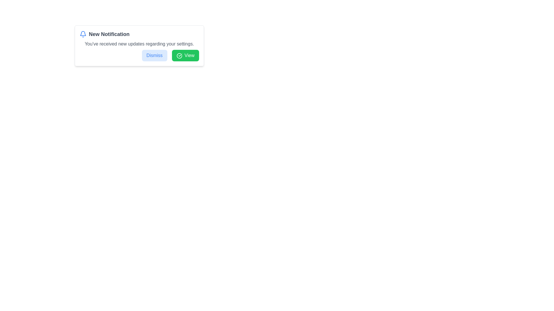  I want to click on the icon inside the green 'View' button, which indicates a completed or approved action, located to the left of the button text, so click(179, 56).